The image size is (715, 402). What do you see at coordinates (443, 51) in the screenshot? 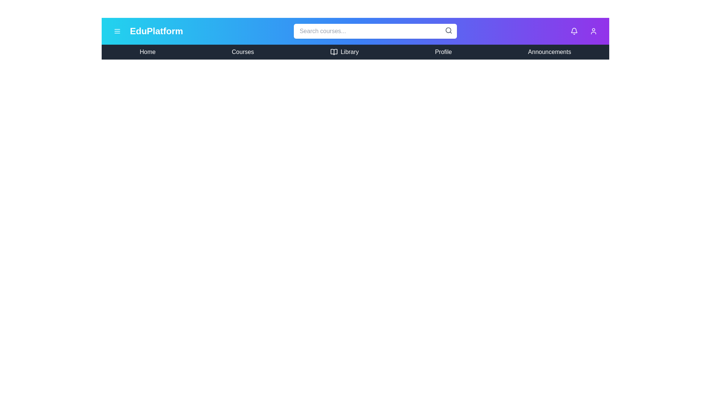
I see `the menu item Profile to navigate to the corresponding section` at bounding box center [443, 51].